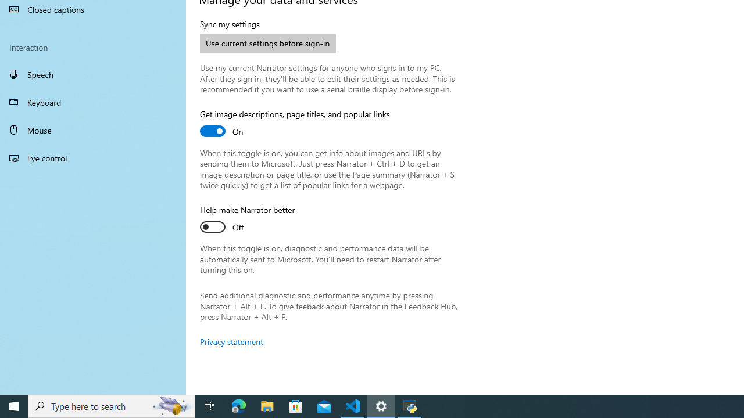 The height and width of the screenshot is (418, 744). Describe the element at coordinates (14, 405) in the screenshot. I see `'Start'` at that location.